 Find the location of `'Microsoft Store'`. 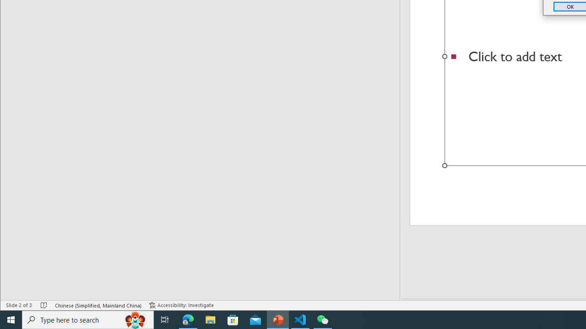

'Microsoft Store' is located at coordinates (233, 319).